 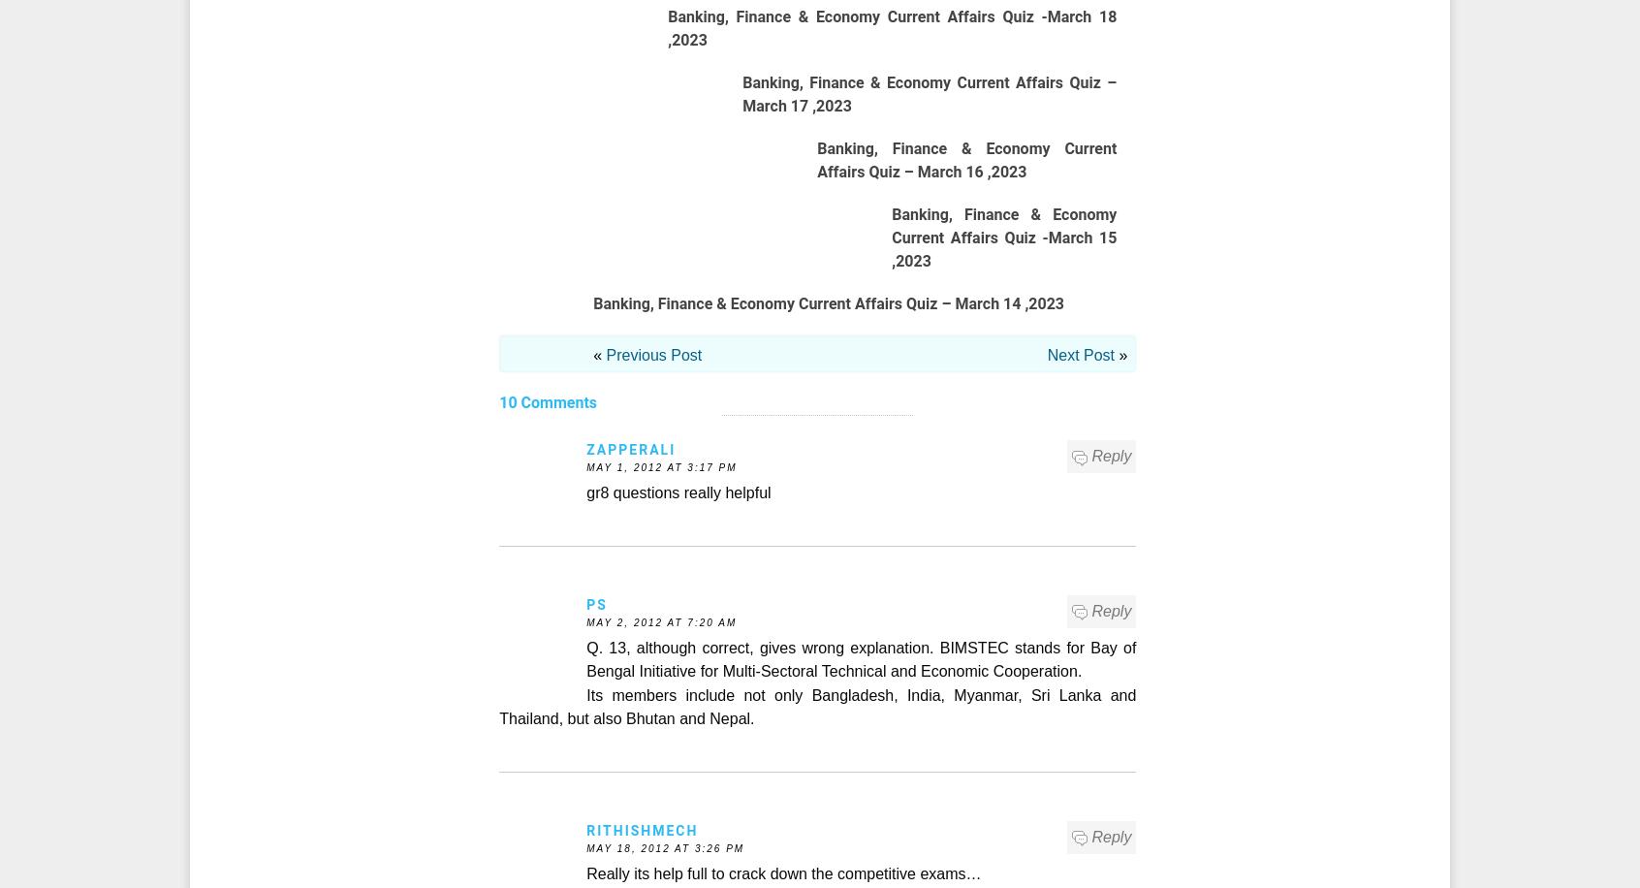 What do you see at coordinates (965, 160) in the screenshot?
I see `'Banking, Finance & Economy Current Affairs Quiz – March 16 ,2023'` at bounding box center [965, 160].